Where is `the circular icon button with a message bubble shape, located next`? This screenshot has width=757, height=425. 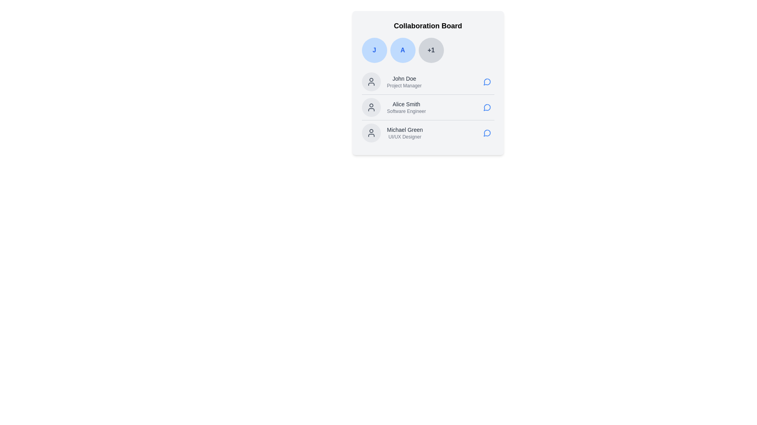 the circular icon button with a message bubble shape, located next is located at coordinates (487, 82).